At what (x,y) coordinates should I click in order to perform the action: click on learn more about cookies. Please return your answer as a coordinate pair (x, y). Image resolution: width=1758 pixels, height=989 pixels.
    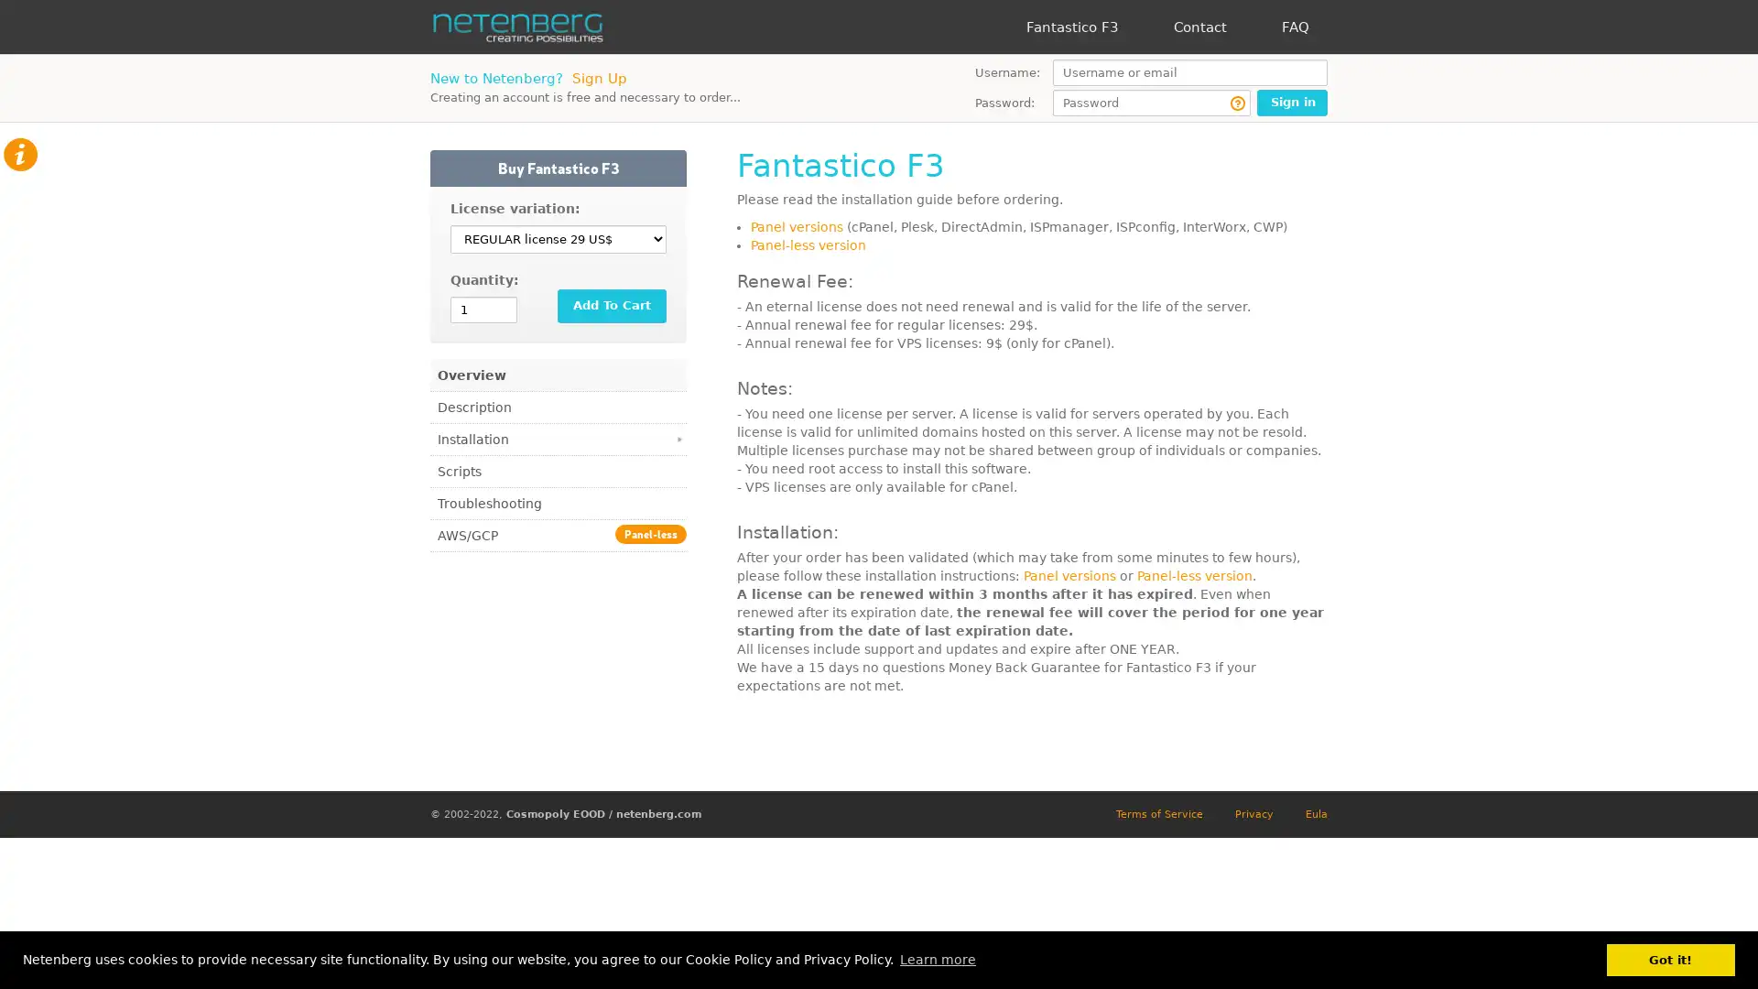
    Looking at the image, I should click on (937, 959).